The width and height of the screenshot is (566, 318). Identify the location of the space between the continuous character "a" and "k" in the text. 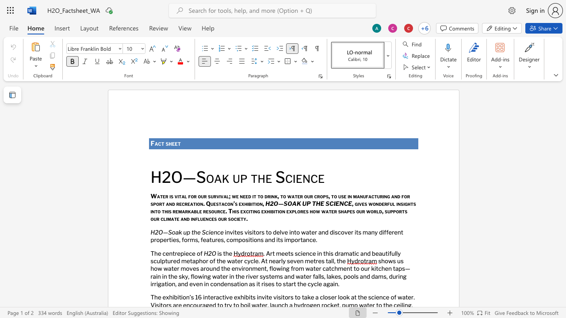
(222, 178).